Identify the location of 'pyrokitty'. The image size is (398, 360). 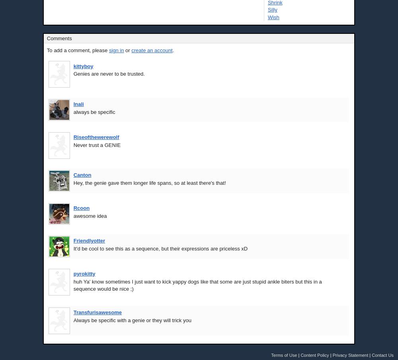
(84, 273).